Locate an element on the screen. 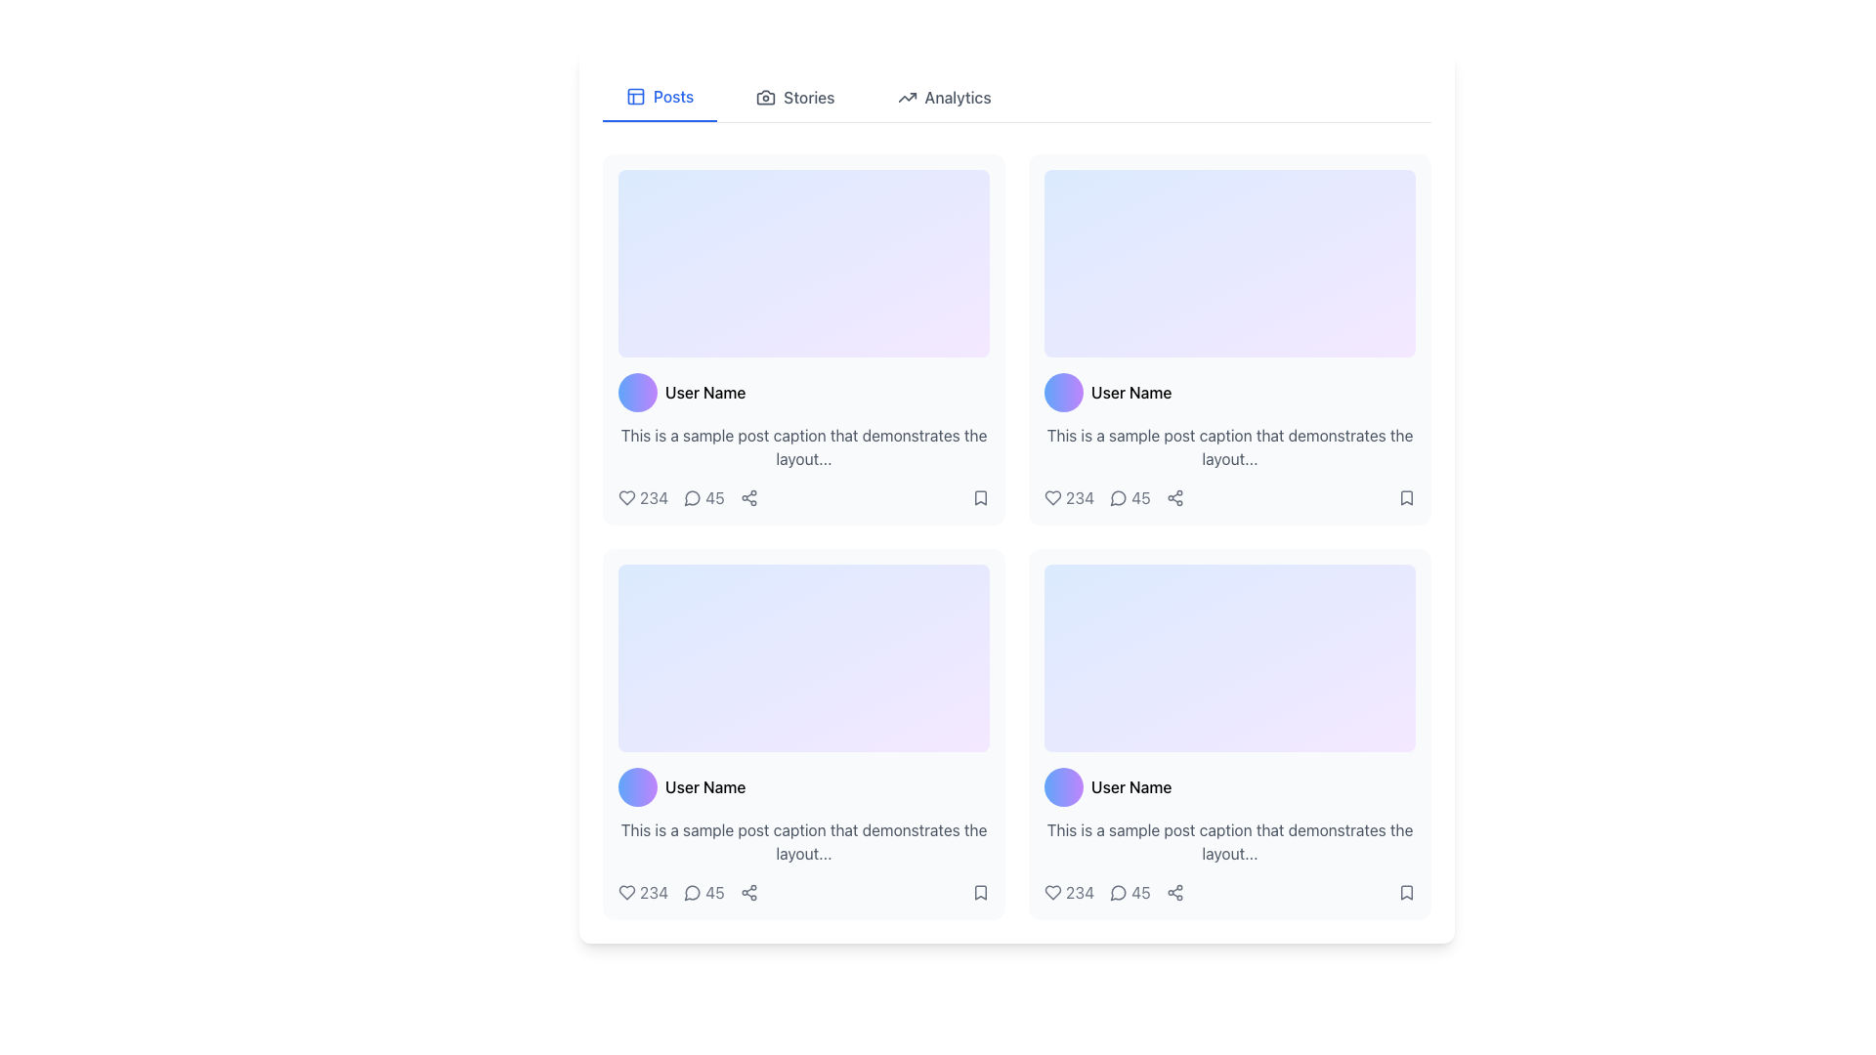 The image size is (1876, 1055). the trending-up arrow icon located to the left of the 'Analytics' text in the navigation bar is located at coordinates (906, 98).